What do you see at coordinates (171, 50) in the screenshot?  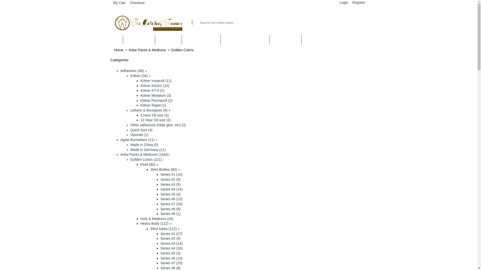 I see `'Golden Colors'` at bounding box center [171, 50].